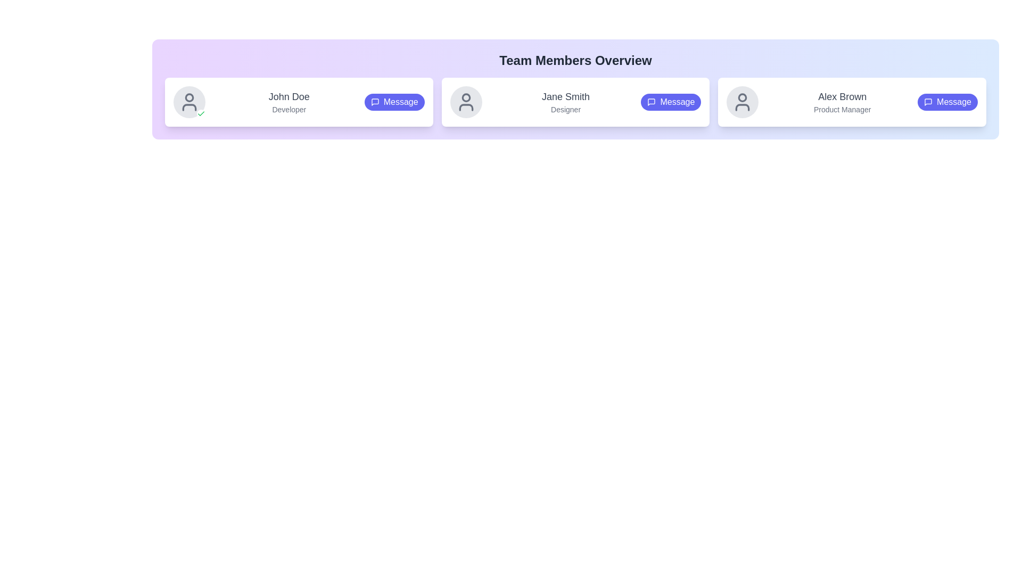  I want to click on the 'Message' button with a rounded rectangular shape and an indigo background, so click(947, 102).